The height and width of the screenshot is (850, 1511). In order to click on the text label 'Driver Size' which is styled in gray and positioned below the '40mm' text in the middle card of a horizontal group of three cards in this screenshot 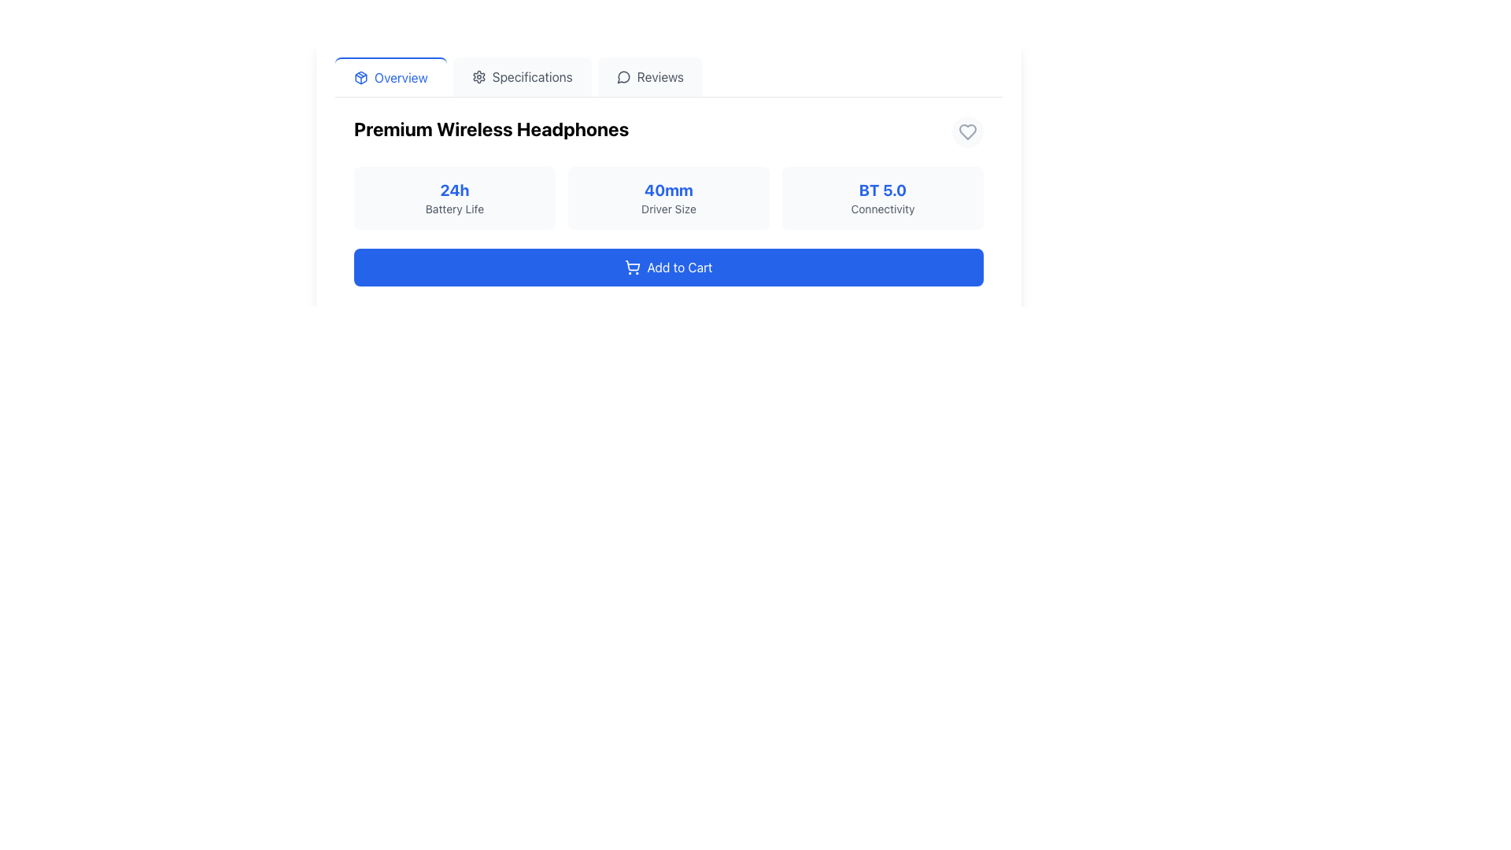, I will do `click(668, 209)`.